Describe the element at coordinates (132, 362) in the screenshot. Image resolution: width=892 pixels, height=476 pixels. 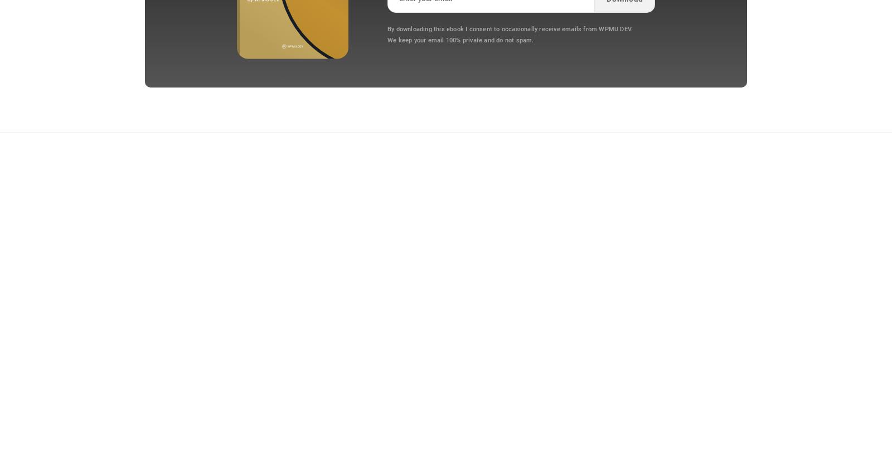
I see `'IVT Pro'` at that location.